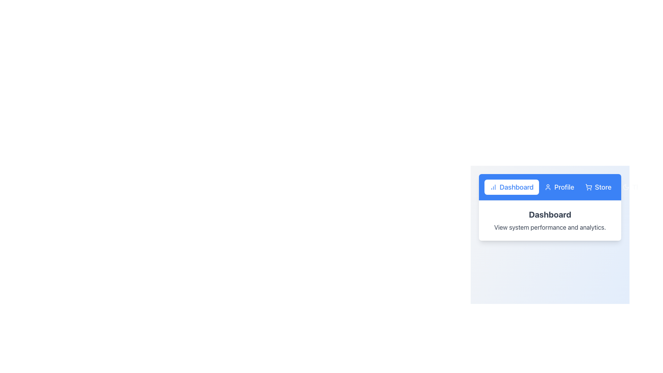 This screenshot has height=373, width=663. What do you see at coordinates (559, 187) in the screenshot?
I see `the second button in the horizontal navigation bar` at bounding box center [559, 187].